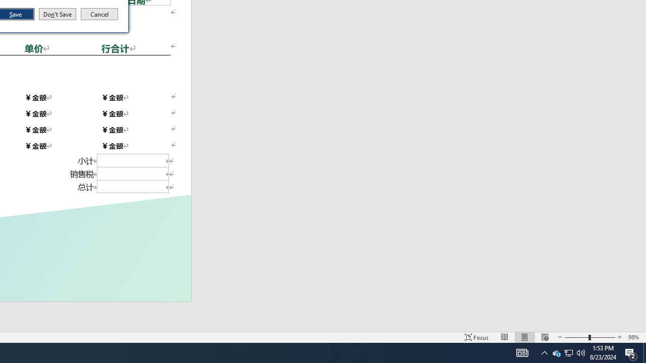 This screenshot has height=363, width=646. I want to click on 'Zoom 98%', so click(634, 337).